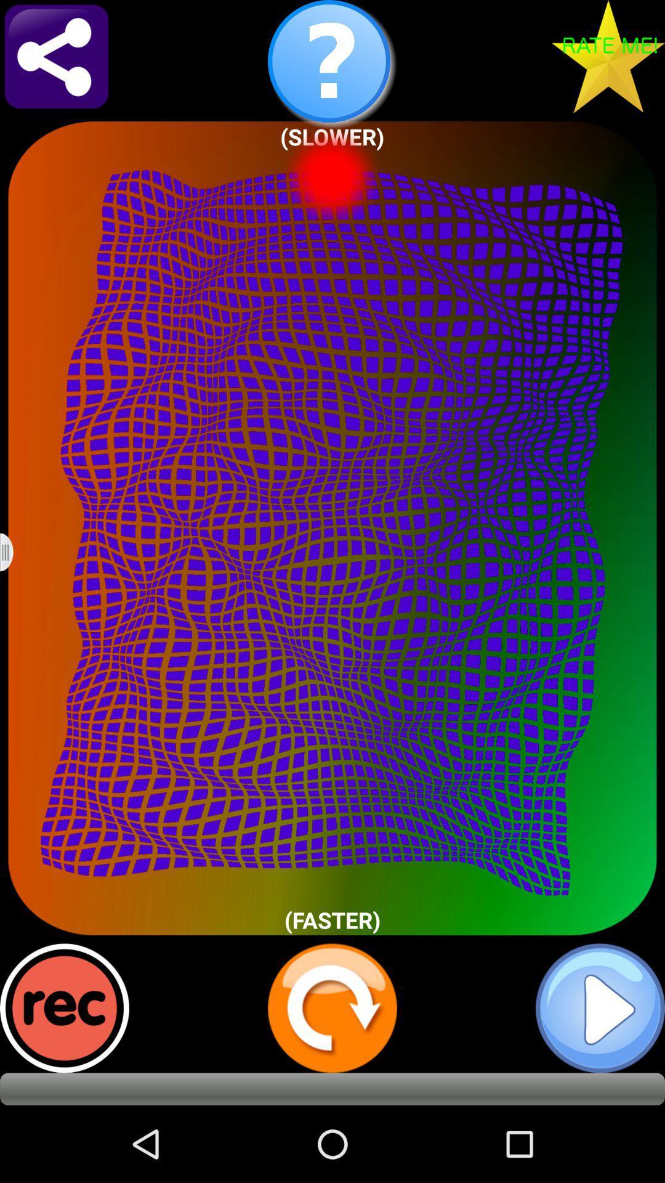 The height and width of the screenshot is (1183, 665). Describe the element at coordinates (608, 55) in the screenshot. I see `rate` at that location.